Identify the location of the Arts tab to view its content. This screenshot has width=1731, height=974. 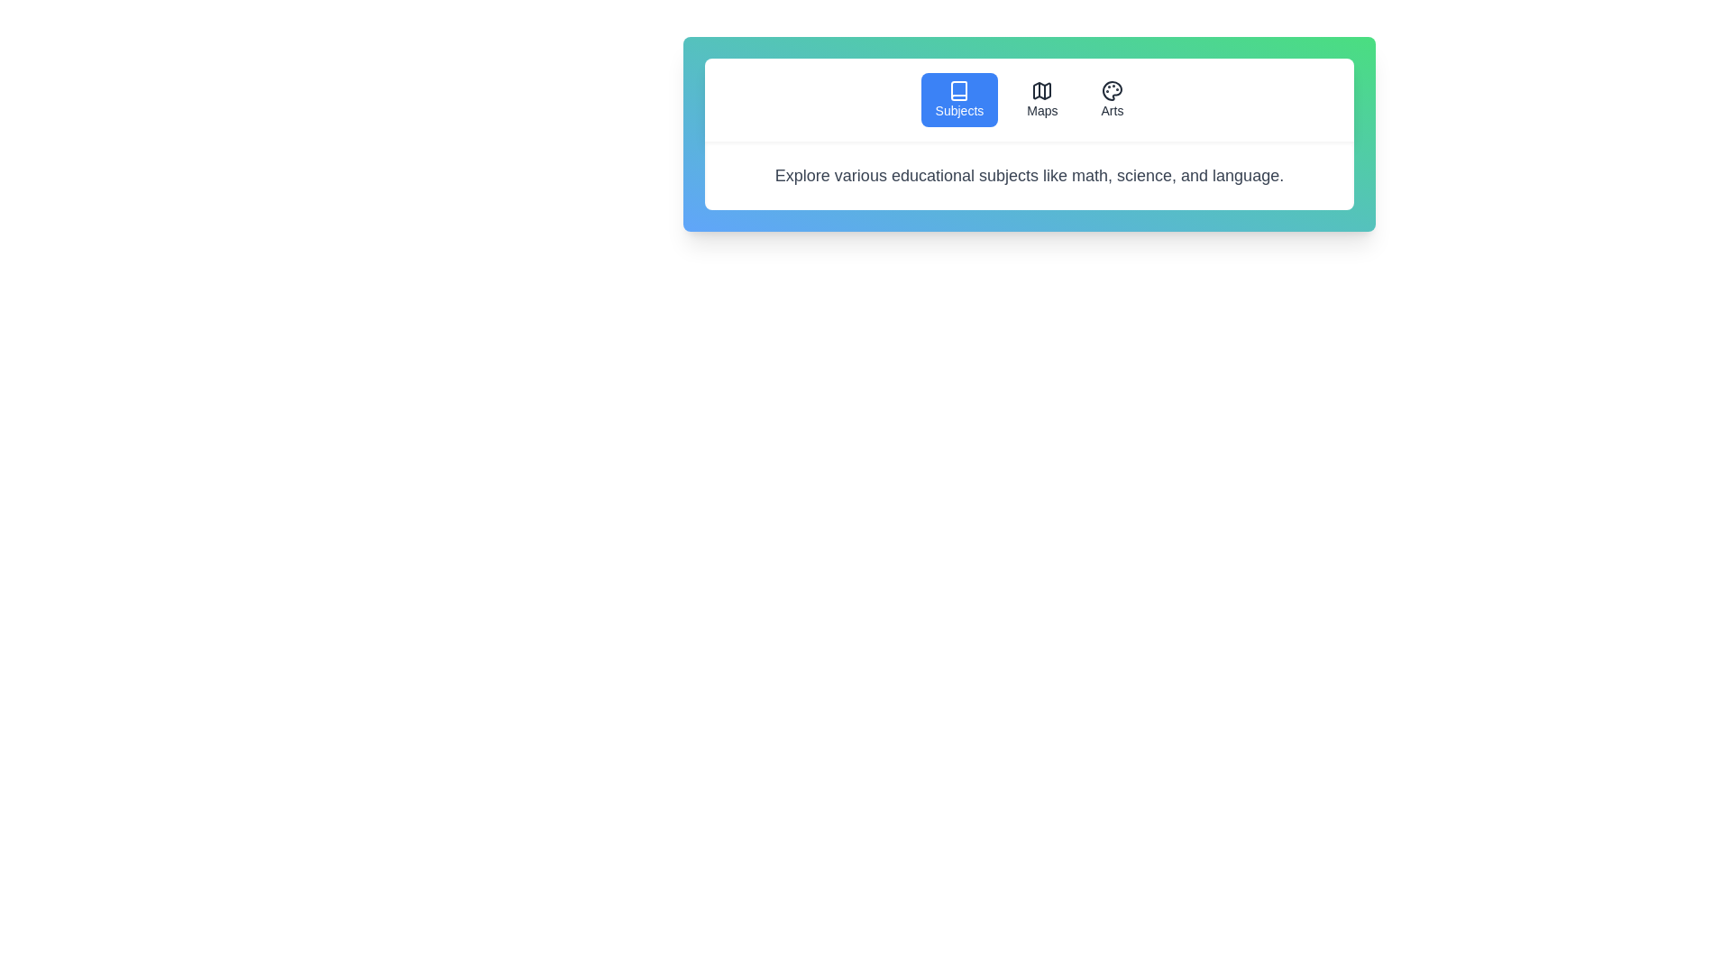
(1111, 100).